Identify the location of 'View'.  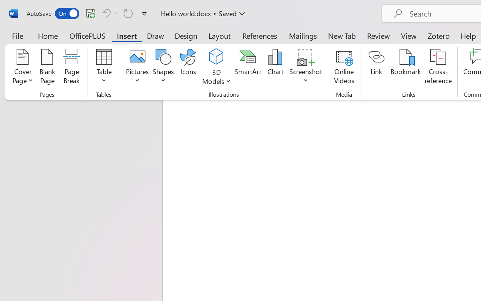
(408, 35).